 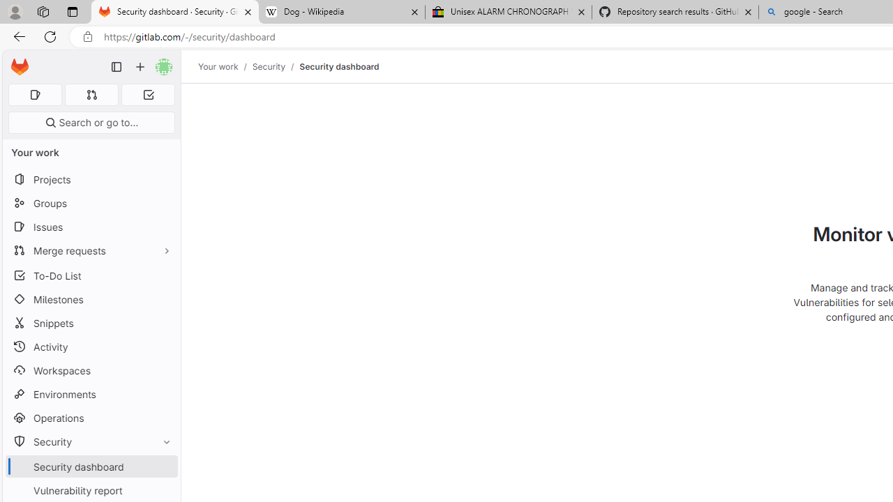 I want to click on 'Snippets', so click(x=91, y=323).